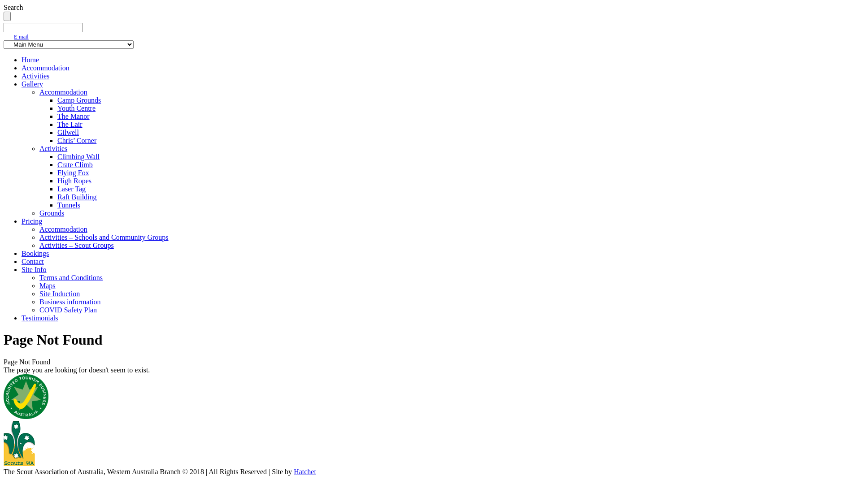 This screenshot has height=484, width=861. Describe the element at coordinates (76, 108) in the screenshot. I see `'Youth Centre'` at that location.